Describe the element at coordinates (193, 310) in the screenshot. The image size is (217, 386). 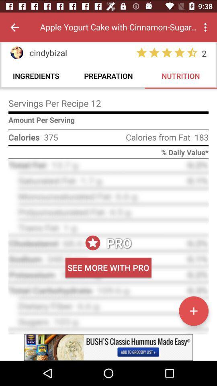
I see `the add icon` at that location.